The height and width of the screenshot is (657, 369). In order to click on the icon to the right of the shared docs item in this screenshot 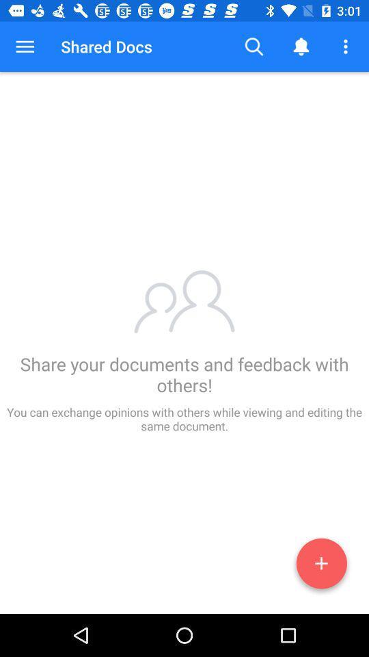, I will do `click(254, 47)`.